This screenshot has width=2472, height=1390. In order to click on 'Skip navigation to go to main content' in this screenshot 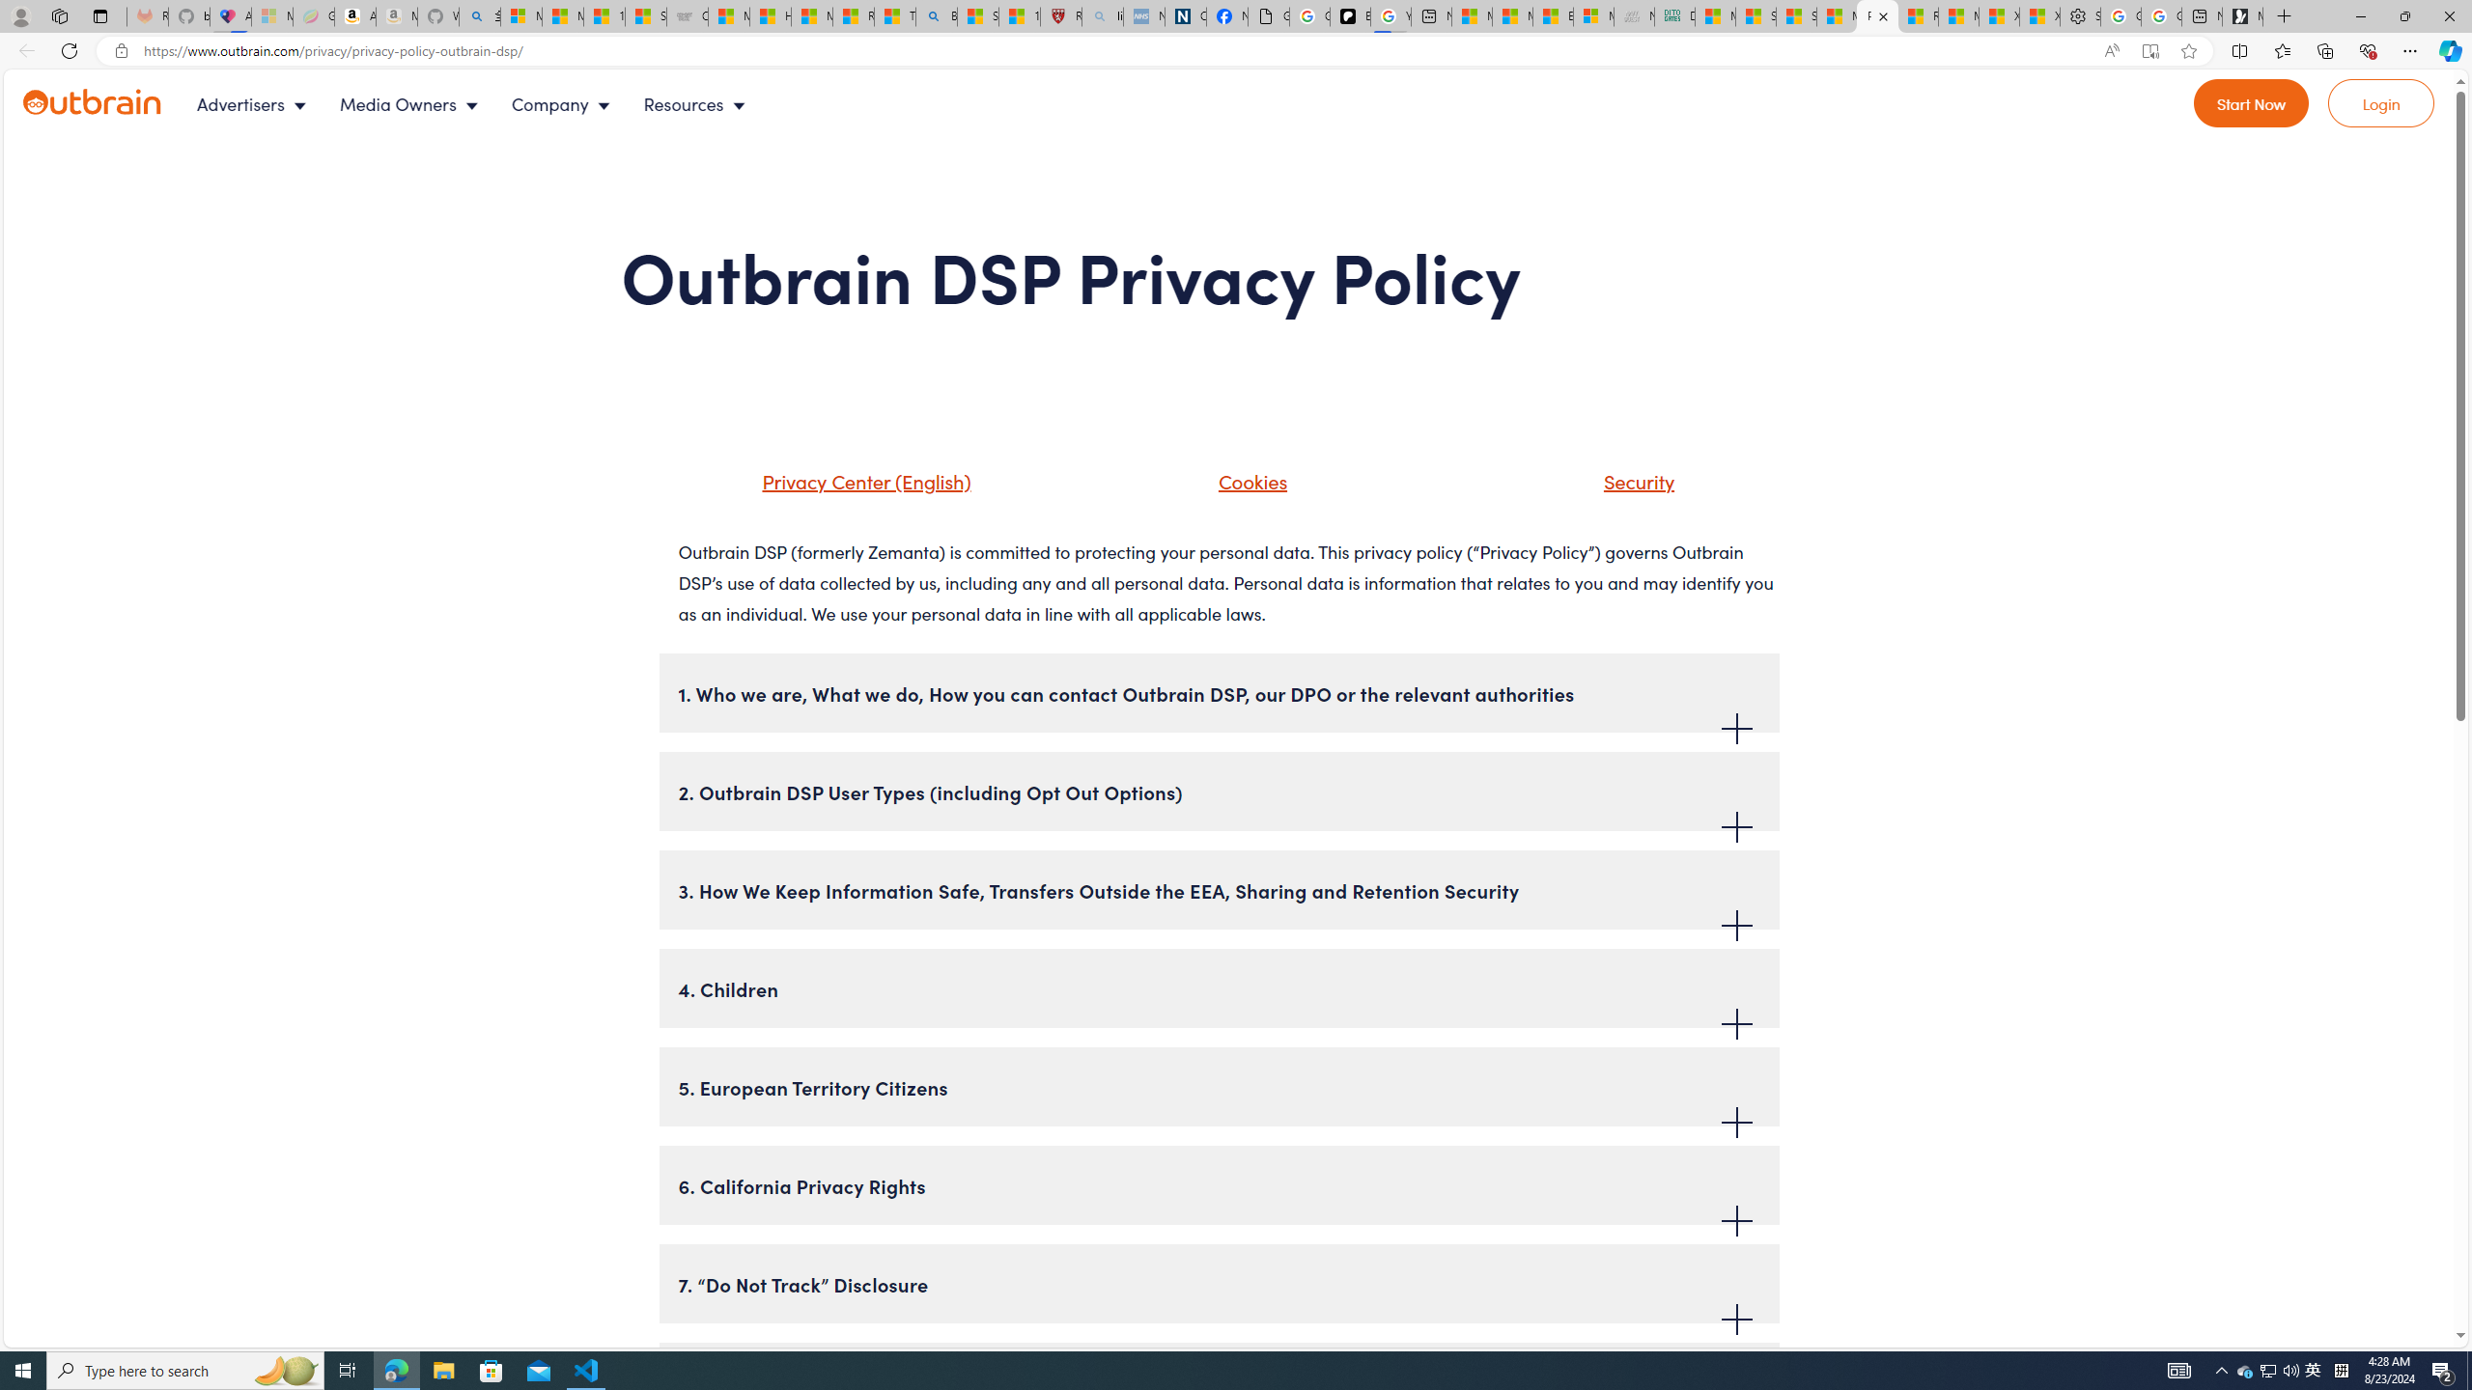, I will do `click(59, 78)`.